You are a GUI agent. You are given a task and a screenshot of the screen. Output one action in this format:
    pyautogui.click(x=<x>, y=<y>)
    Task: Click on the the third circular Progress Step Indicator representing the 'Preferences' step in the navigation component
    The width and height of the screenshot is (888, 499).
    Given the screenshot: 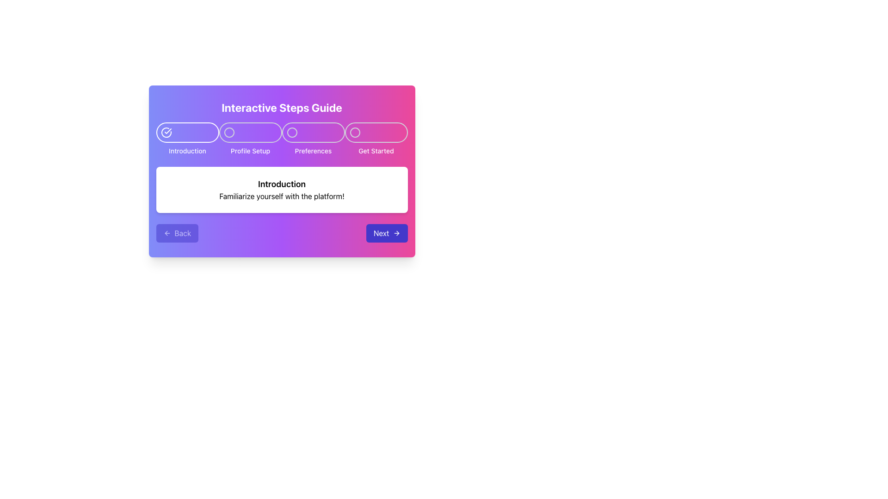 What is the action you would take?
    pyautogui.click(x=291, y=132)
    